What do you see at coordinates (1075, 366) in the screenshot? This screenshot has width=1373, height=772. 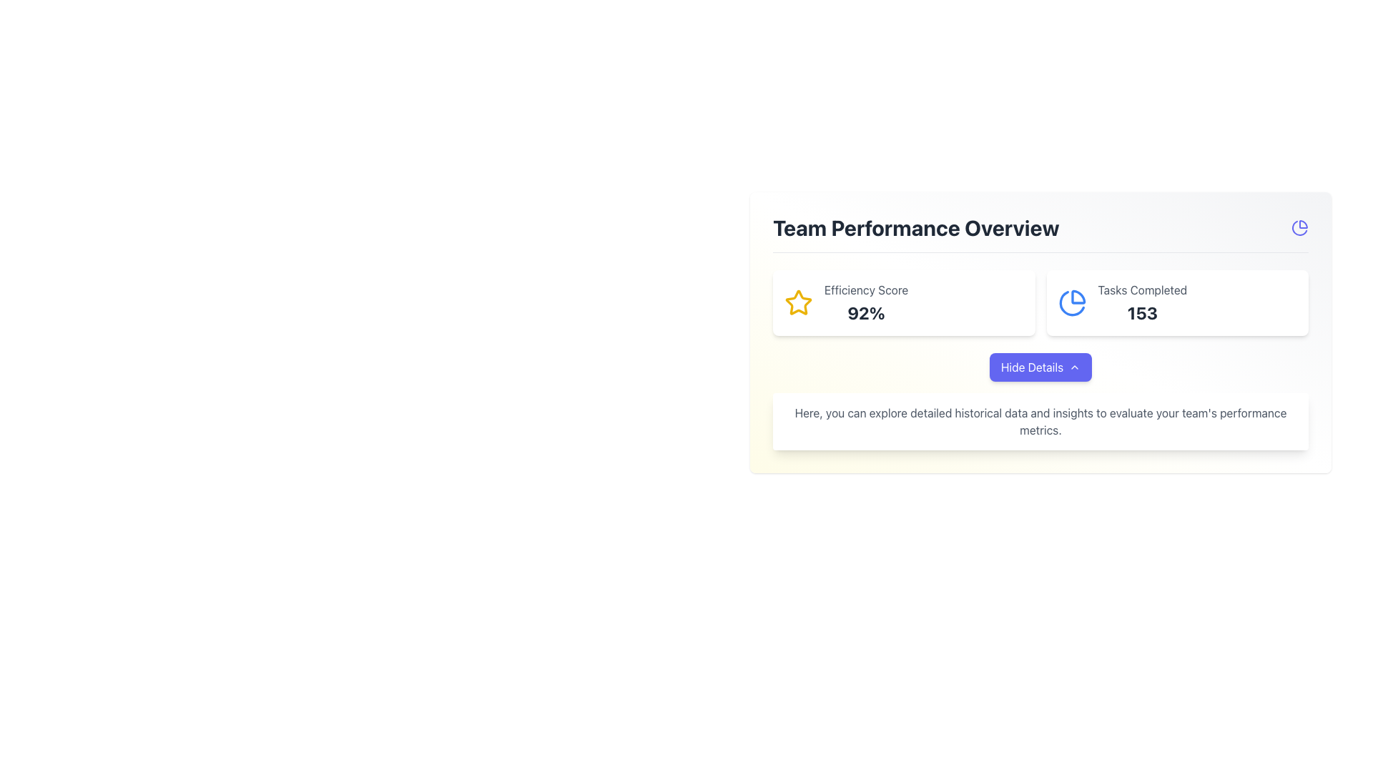 I see `the upward chevron-shaped icon located at the far right of the 'Hide Details' button` at bounding box center [1075, 366].